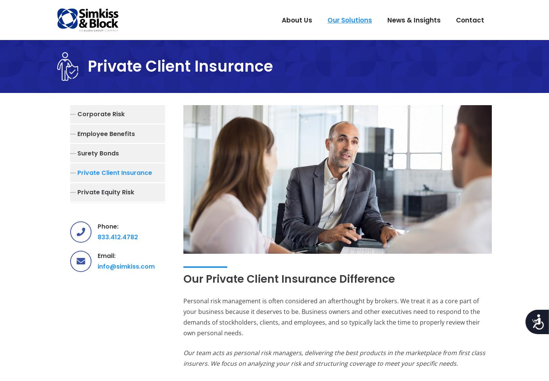 Image resolution: width=549 pixels, height=381 pixels. I want to click on '833.412.4782', so click(117, 236).